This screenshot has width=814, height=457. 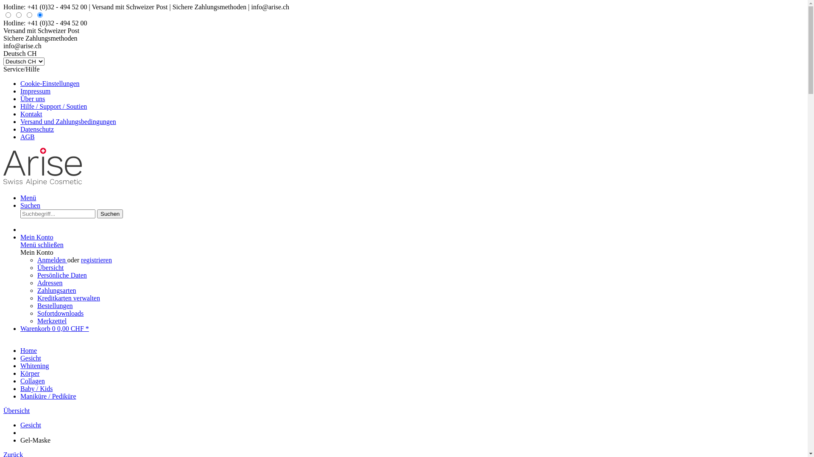 I want to click on 'Hilfe / Support / Soutien', so click(x=53, y=106).